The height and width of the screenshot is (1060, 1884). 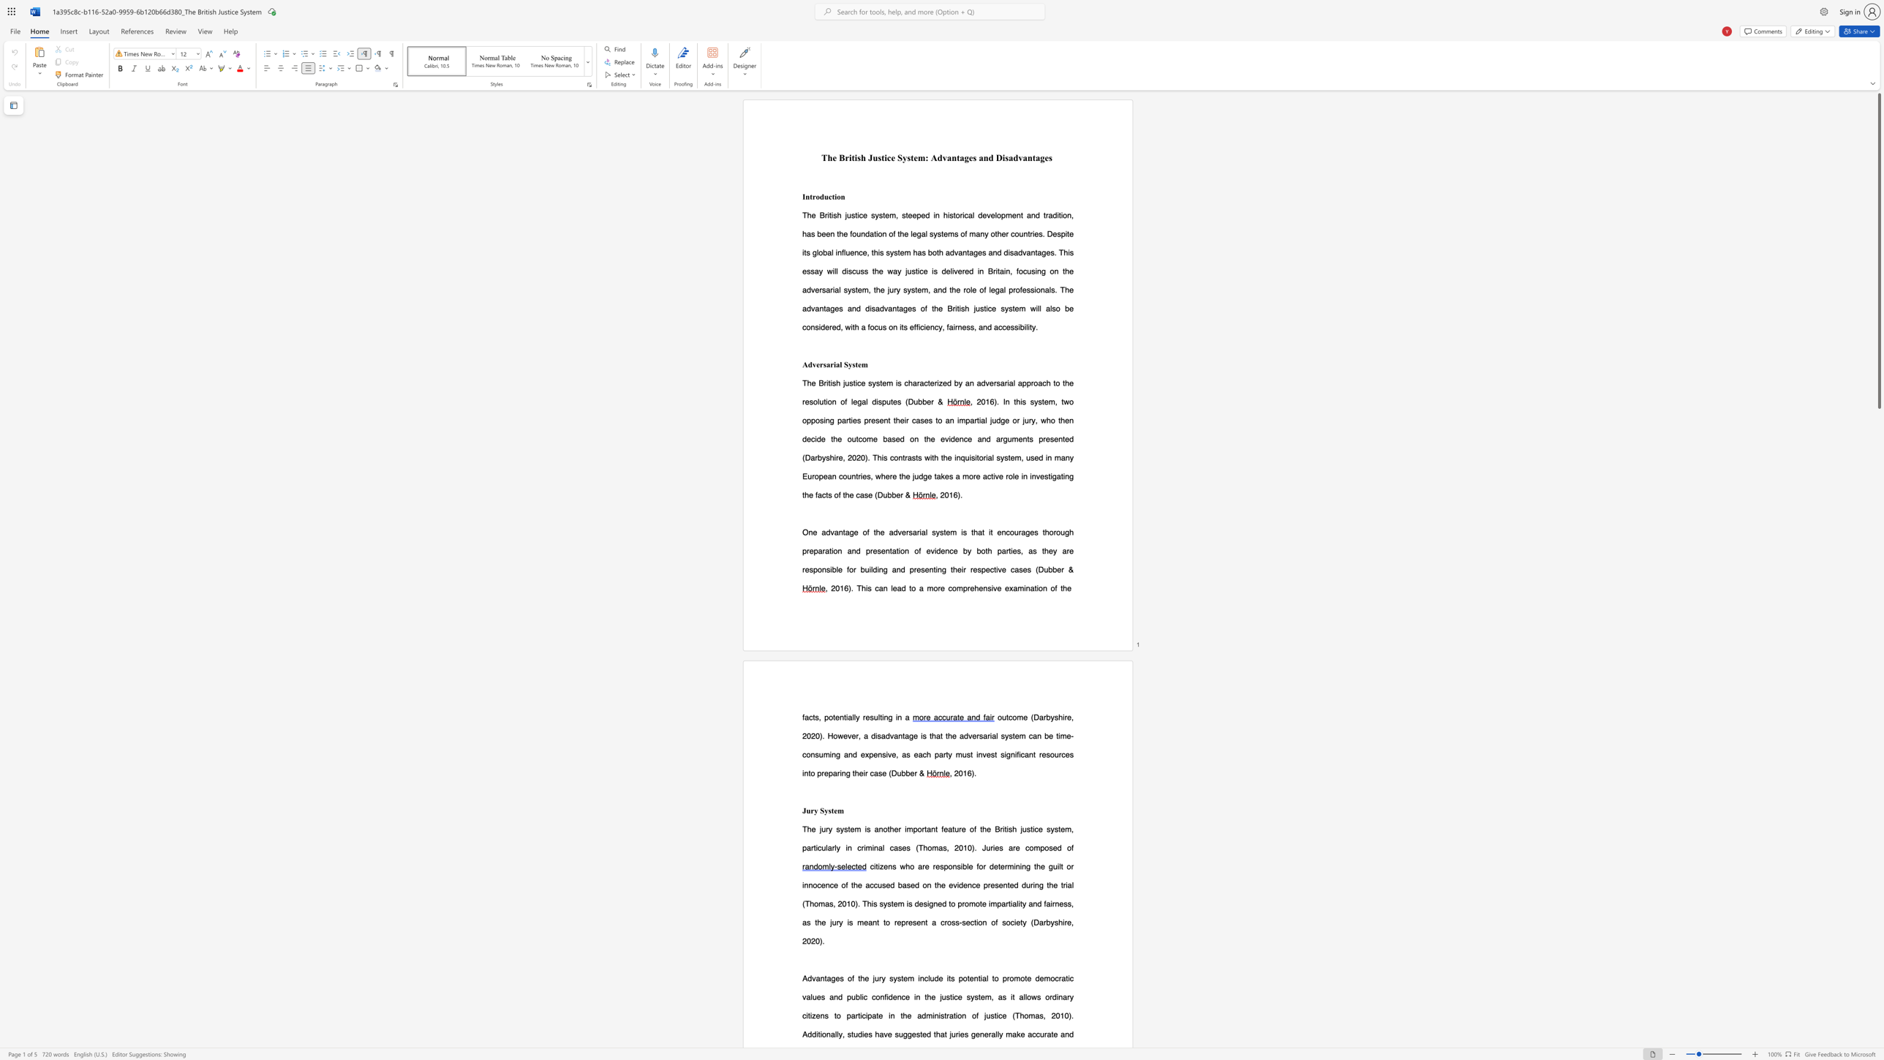 I want to click on the 2th character "e" in the text, so click(x=859, y=364).